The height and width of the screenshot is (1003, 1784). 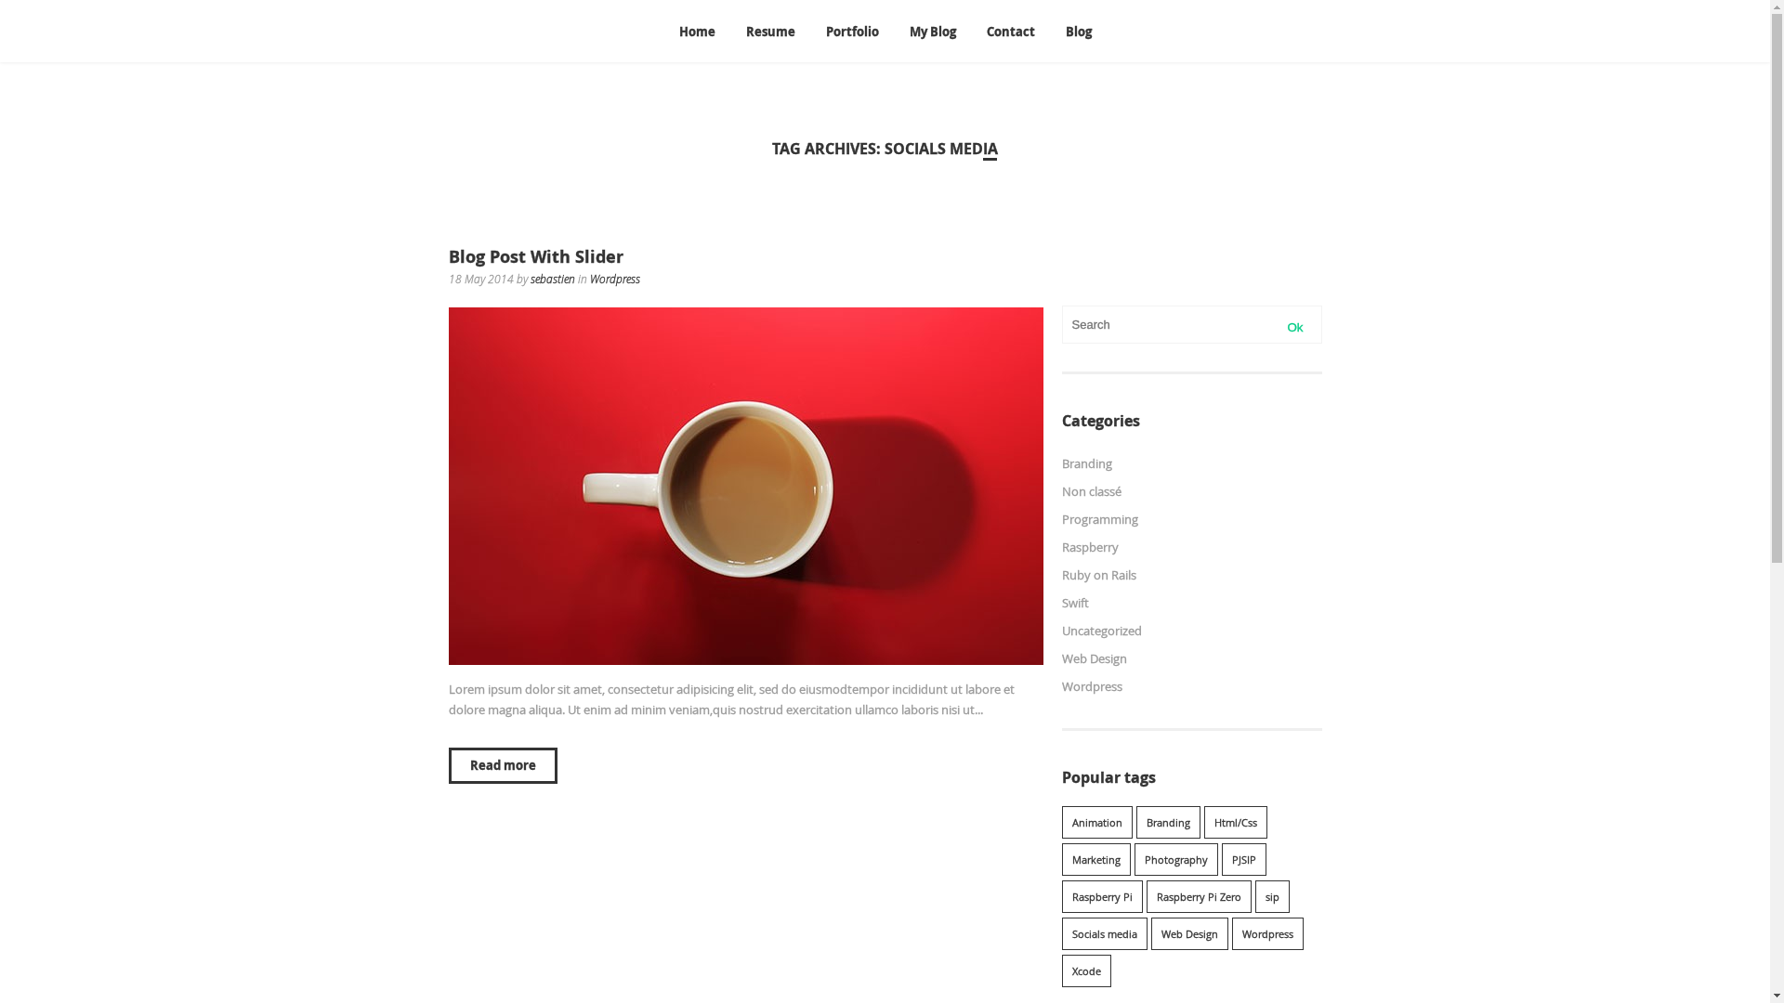 What do you see at coordinates (1074, 602) in the screenshot?
I see `'Swift'` at bounding box center [1074, 602].